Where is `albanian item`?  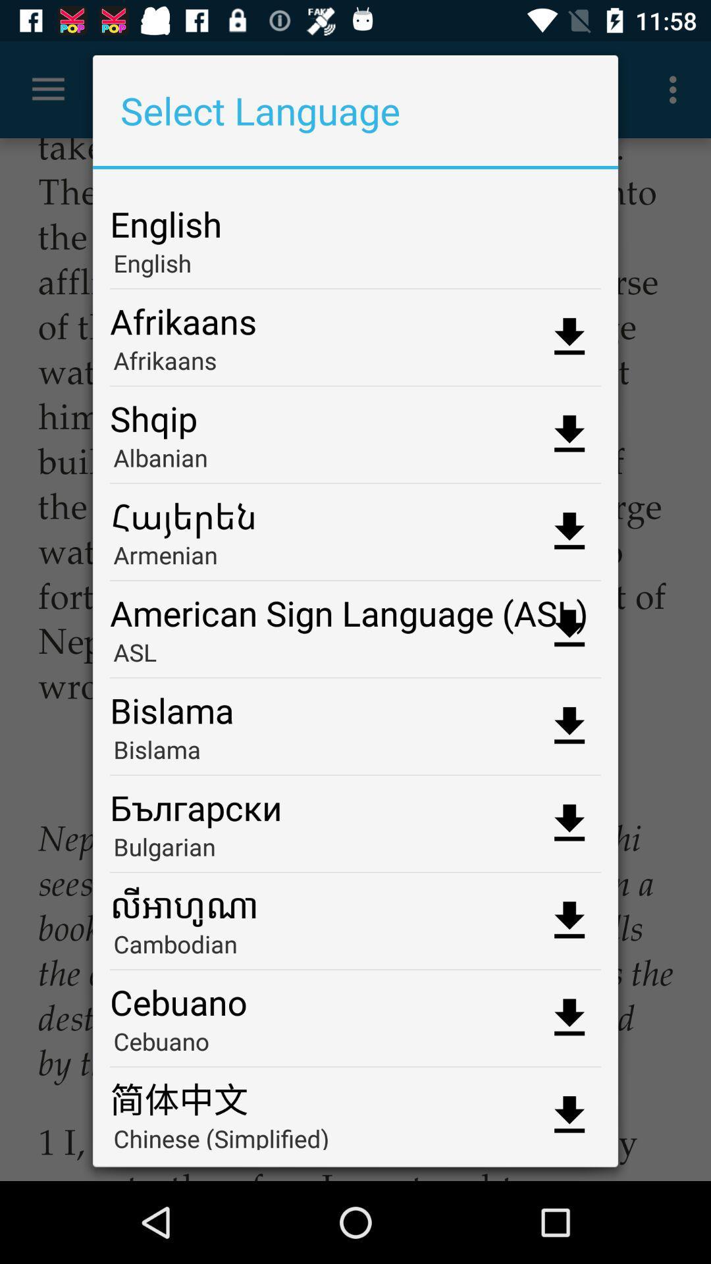
albanian item is located at coordinates (355, 461).